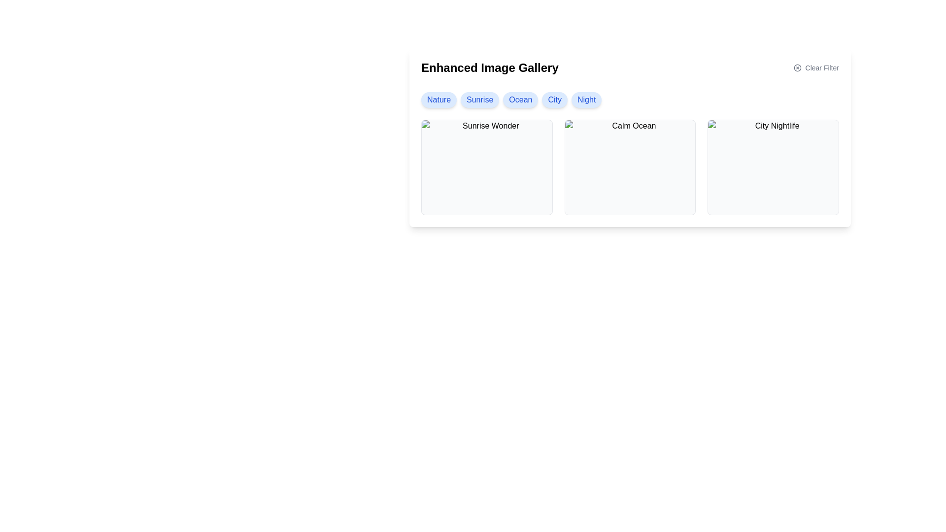 Image resolution: width=946 pixels, height=532 pixels. I want to click on the 'Calm Ocean' content card, so click(629, 166).